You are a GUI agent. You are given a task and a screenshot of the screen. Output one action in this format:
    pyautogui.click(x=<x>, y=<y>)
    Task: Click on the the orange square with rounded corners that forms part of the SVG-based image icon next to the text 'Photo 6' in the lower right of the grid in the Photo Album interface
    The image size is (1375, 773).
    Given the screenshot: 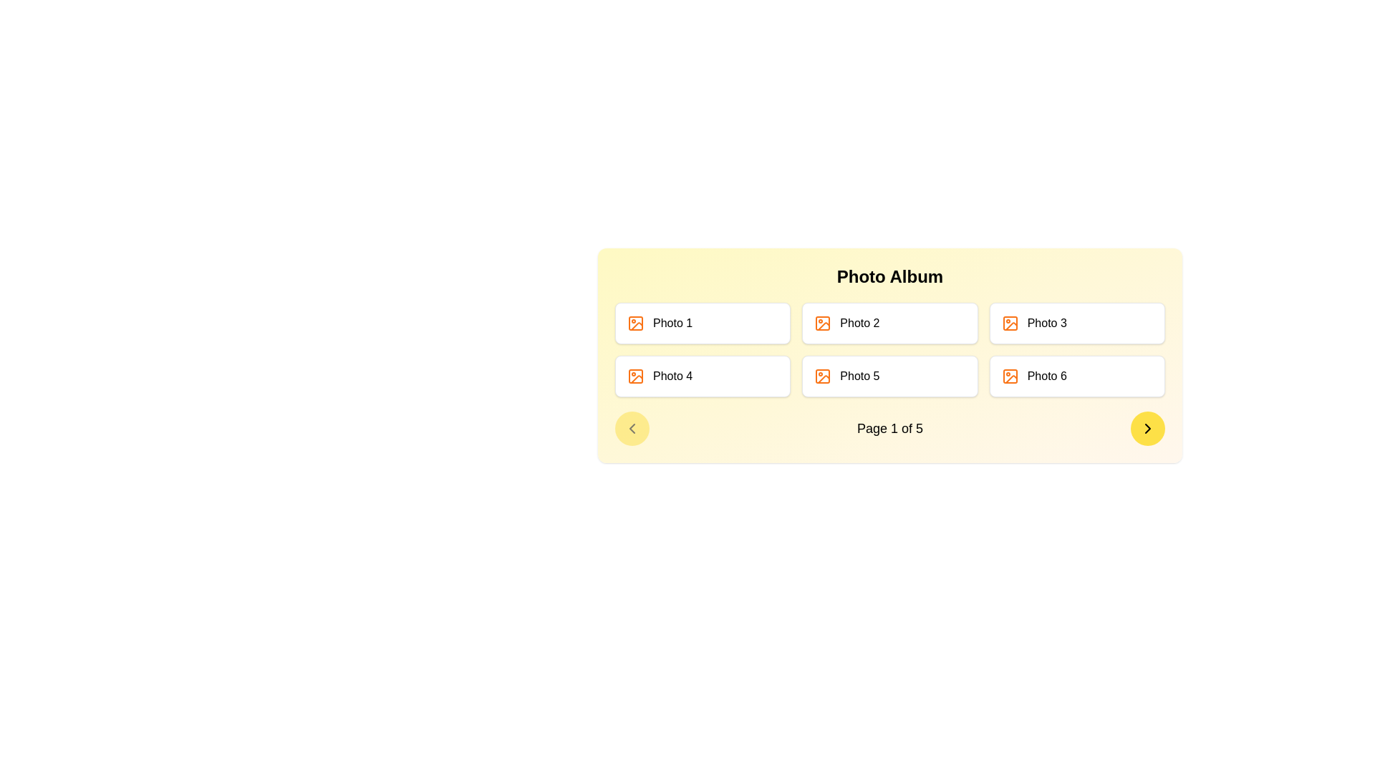 What is the action you would take?
    pyautogui.click(x=1009, y=375)
    